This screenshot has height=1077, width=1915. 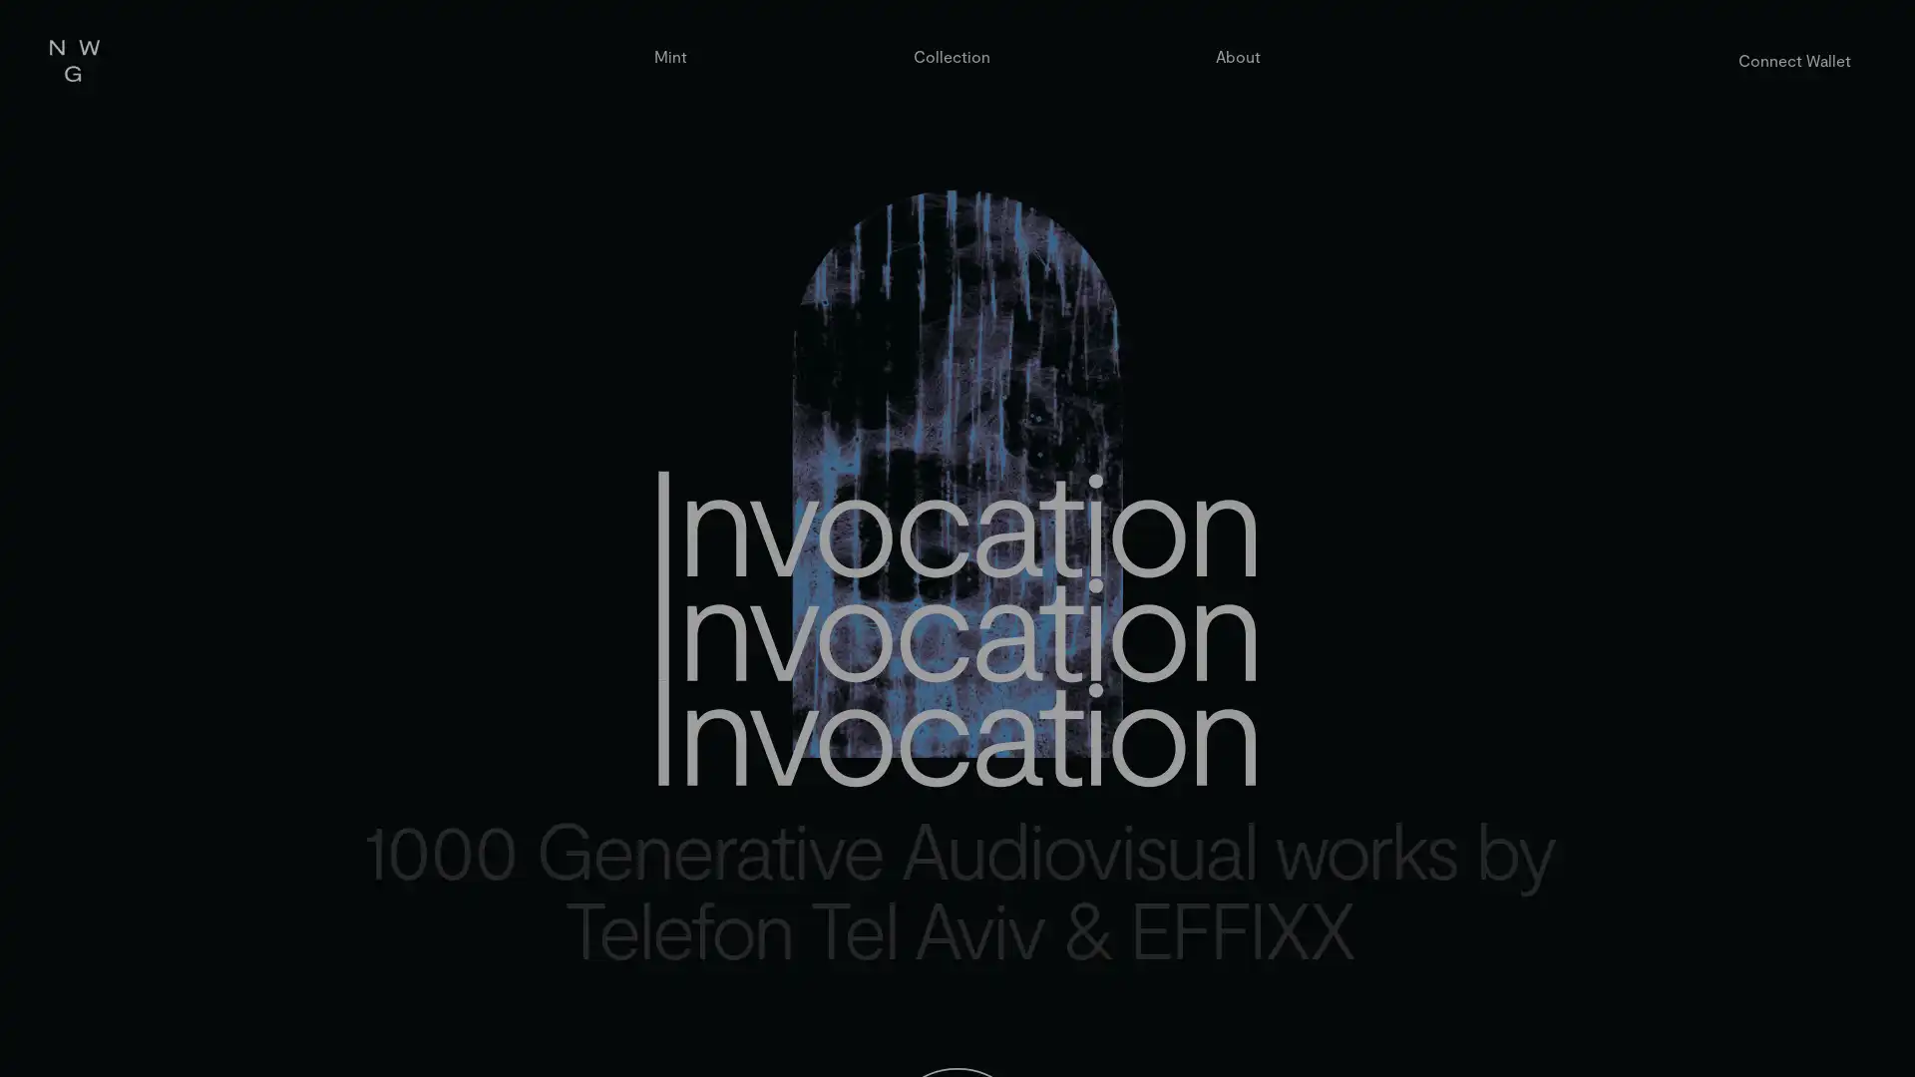 What do you see at coordinates (1794, 59) in the screenshot?
I see `Connect Wallet` at bounding box center [1794, 59].